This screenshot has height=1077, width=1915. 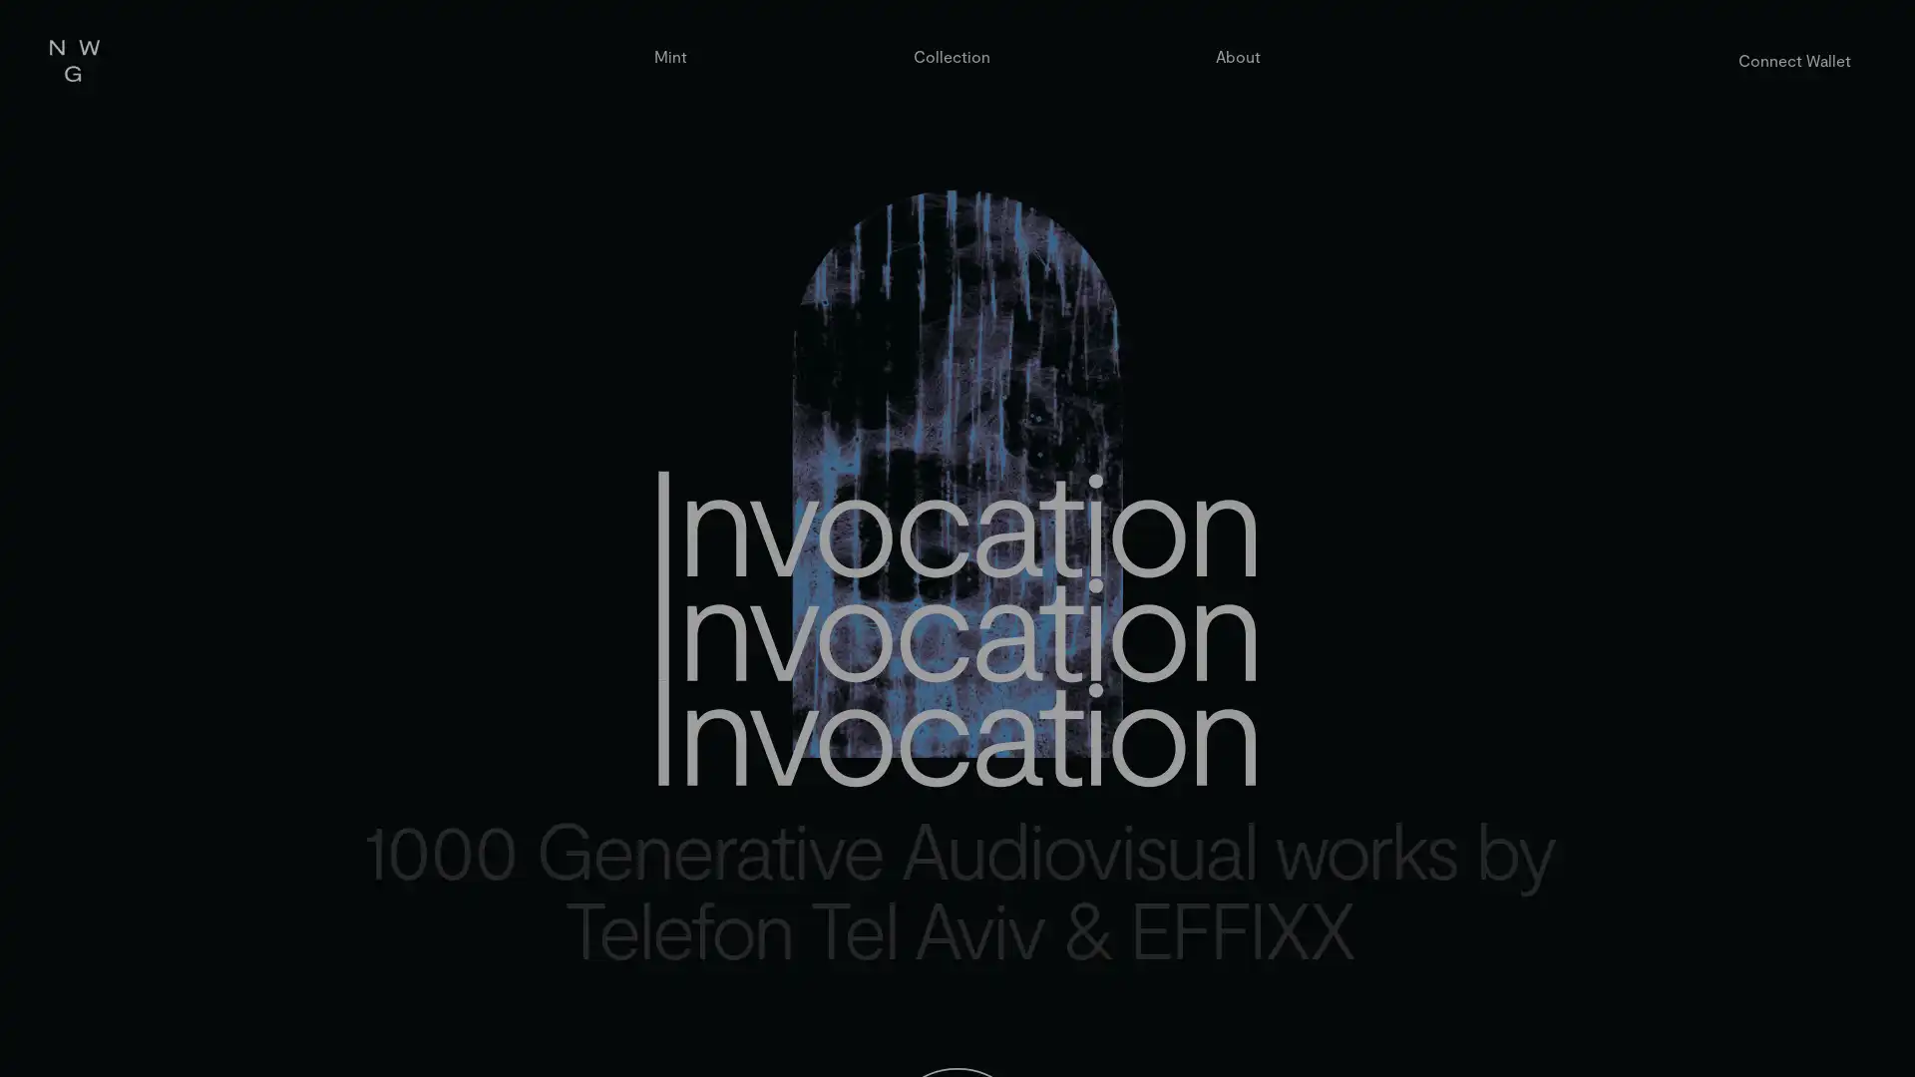 What do you see at coordinates (1794, 59) in the screenshot?
I see `Connect Wallet` at bounding box center [1794, 59].